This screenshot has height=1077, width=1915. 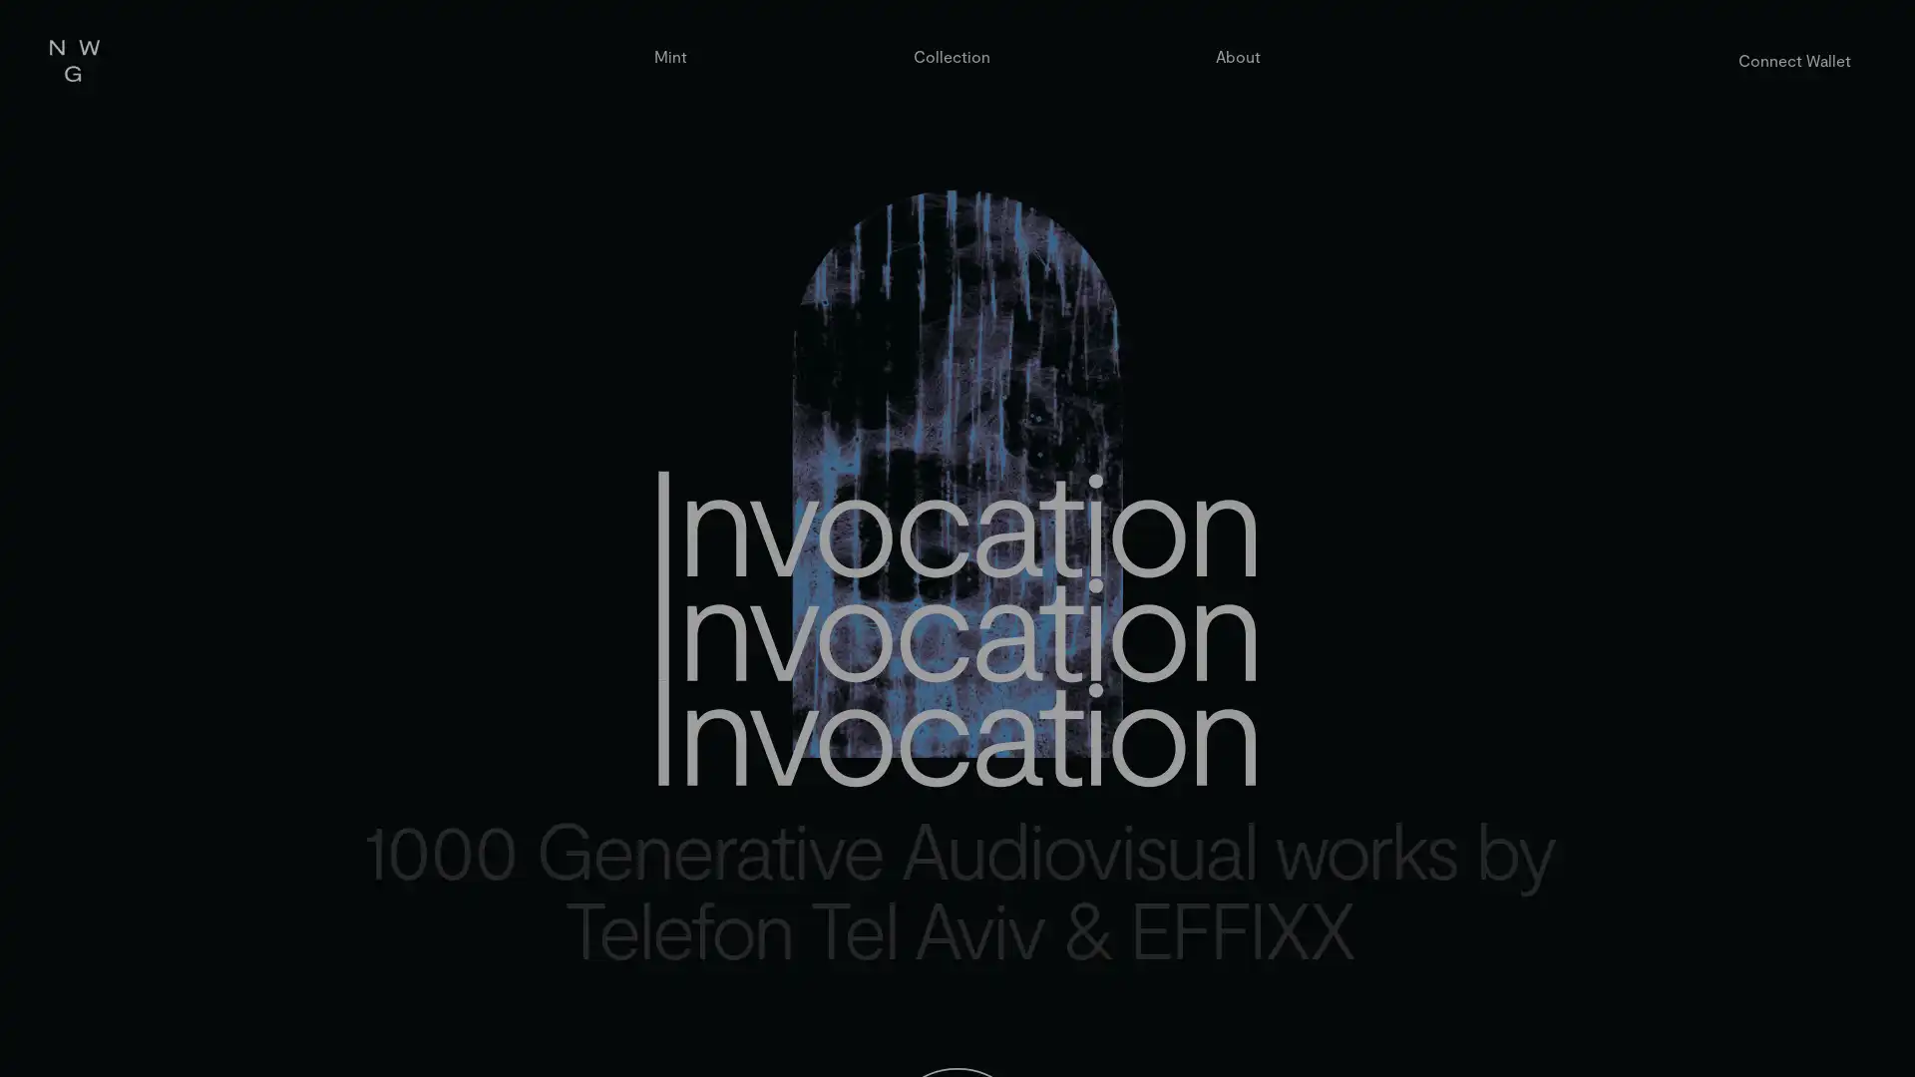 What do you see at coordinates (1794, 59) in the screenshot?
I see `Connect Wallet` at bounding box center [1794, 59].